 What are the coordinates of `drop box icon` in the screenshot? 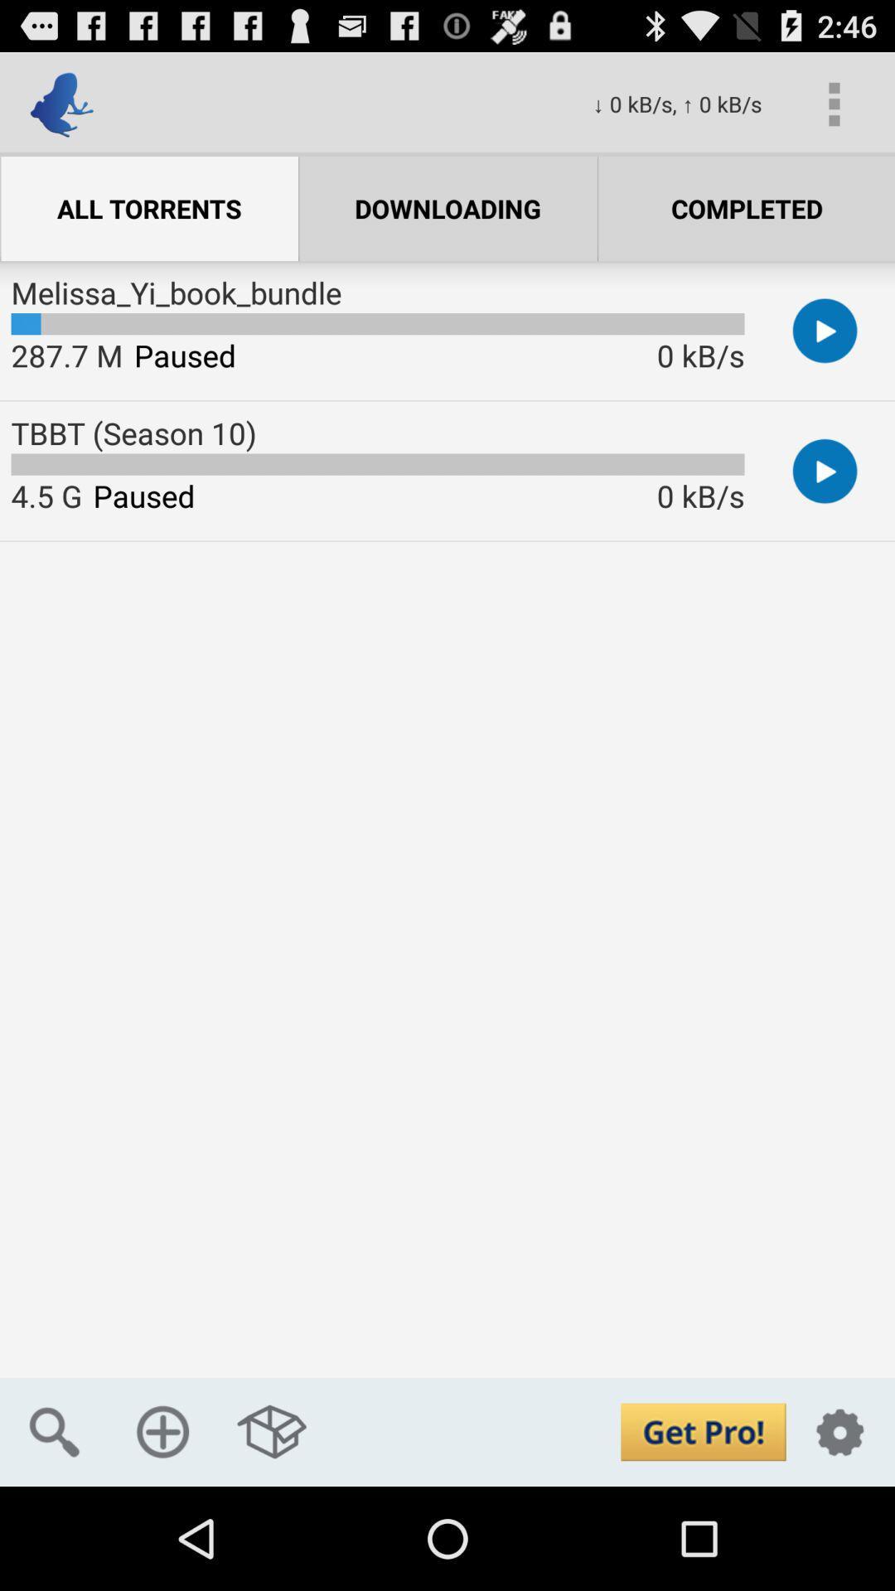 It's located at (271, 1431).